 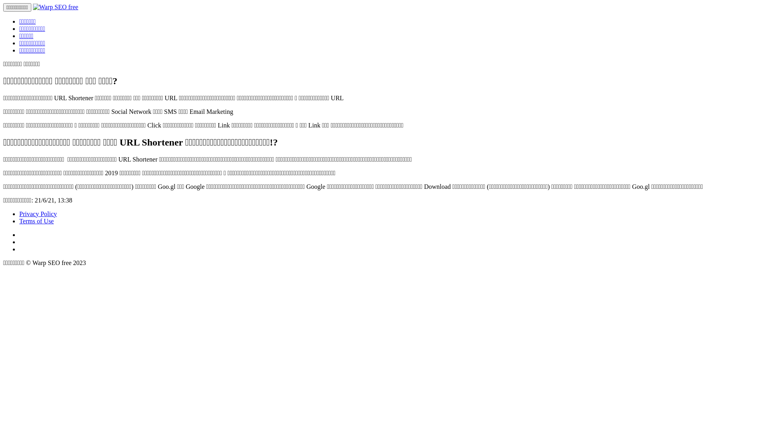 I want to click on 'Terms of Use', so click(x=36, y=221).